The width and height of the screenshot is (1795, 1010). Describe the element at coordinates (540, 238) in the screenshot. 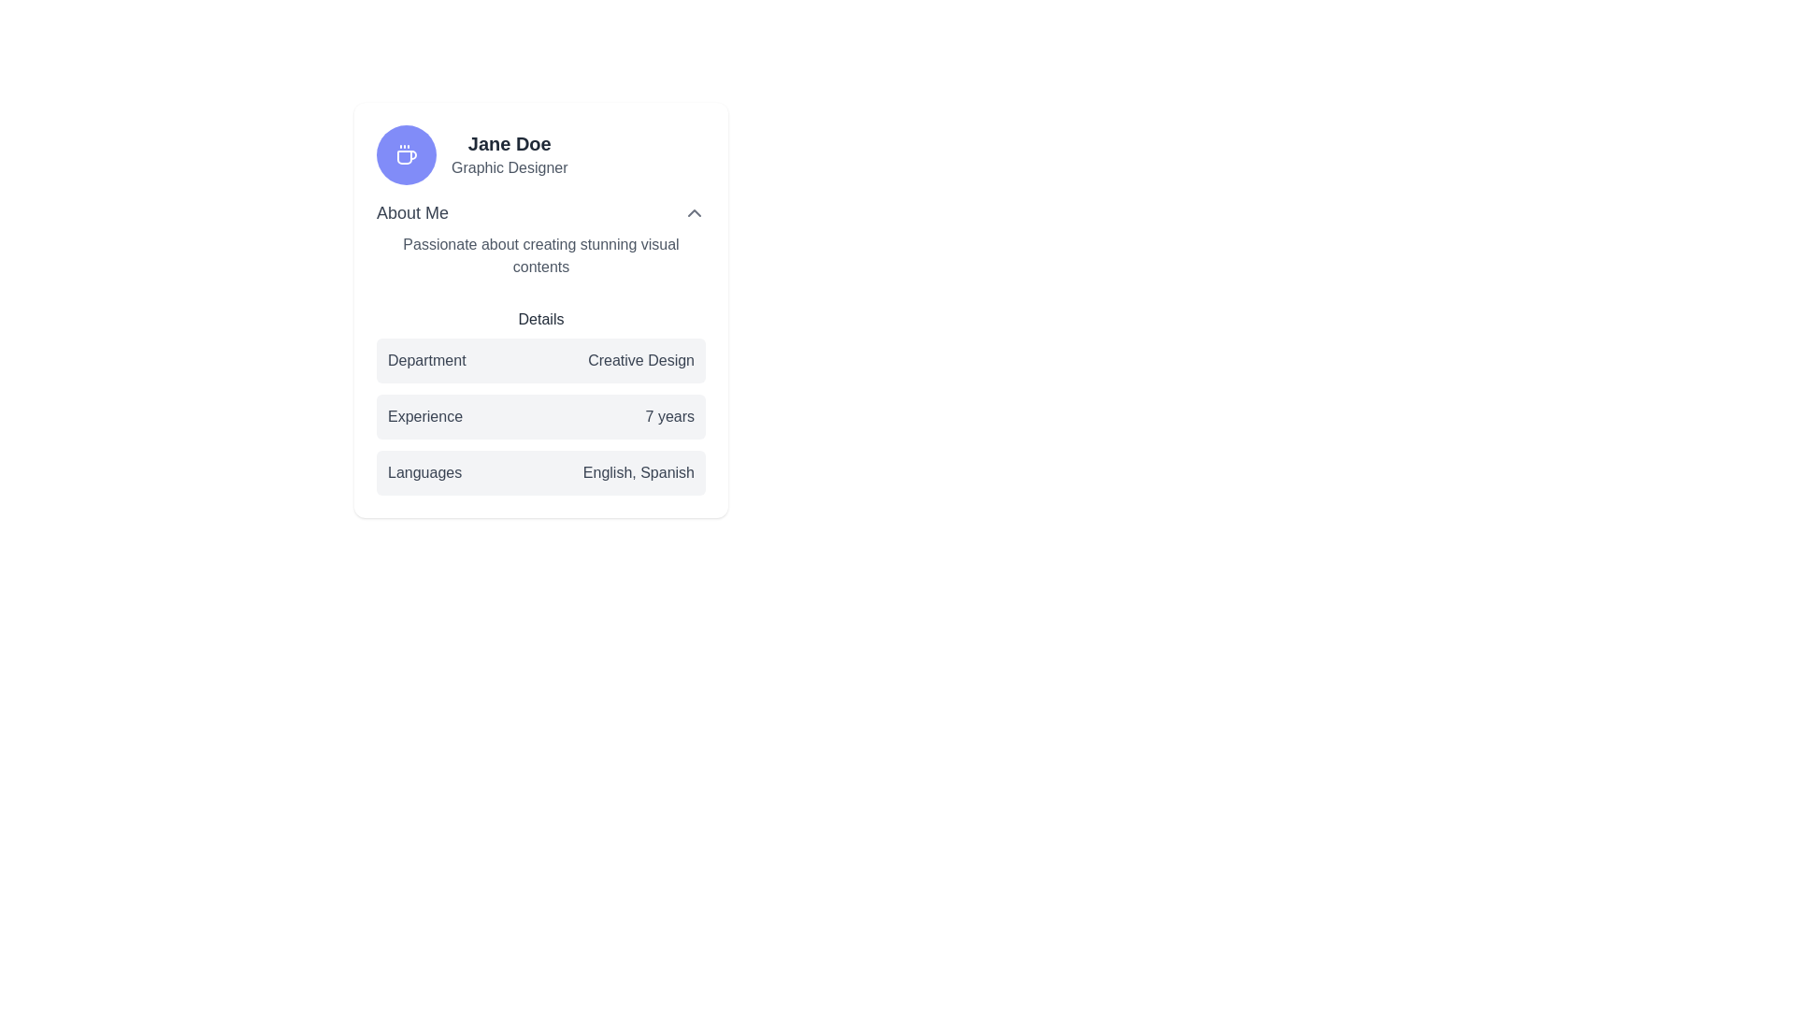

I see `the Text Information Section located under the profile heading 'Jane Doe' and above the 'Details' section in the profile card` at that location.